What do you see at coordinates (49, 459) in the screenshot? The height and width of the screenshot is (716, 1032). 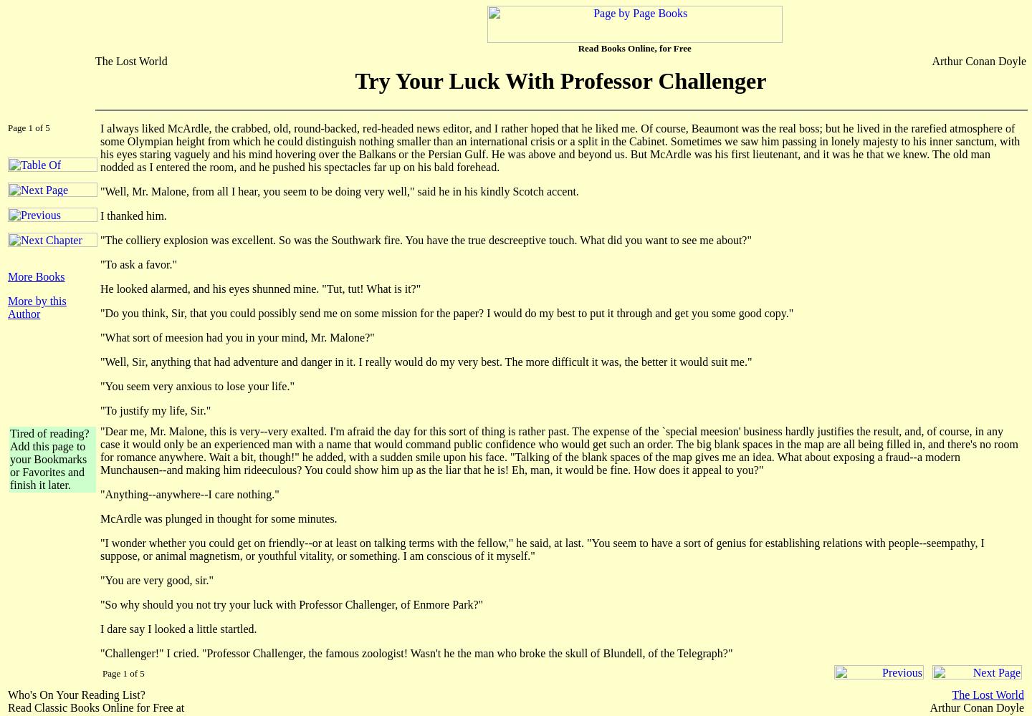 I see `'Tired of reading? Add this page to your Bookmarks or Favorites and finish it later.'` at bounding box center [49, 459].